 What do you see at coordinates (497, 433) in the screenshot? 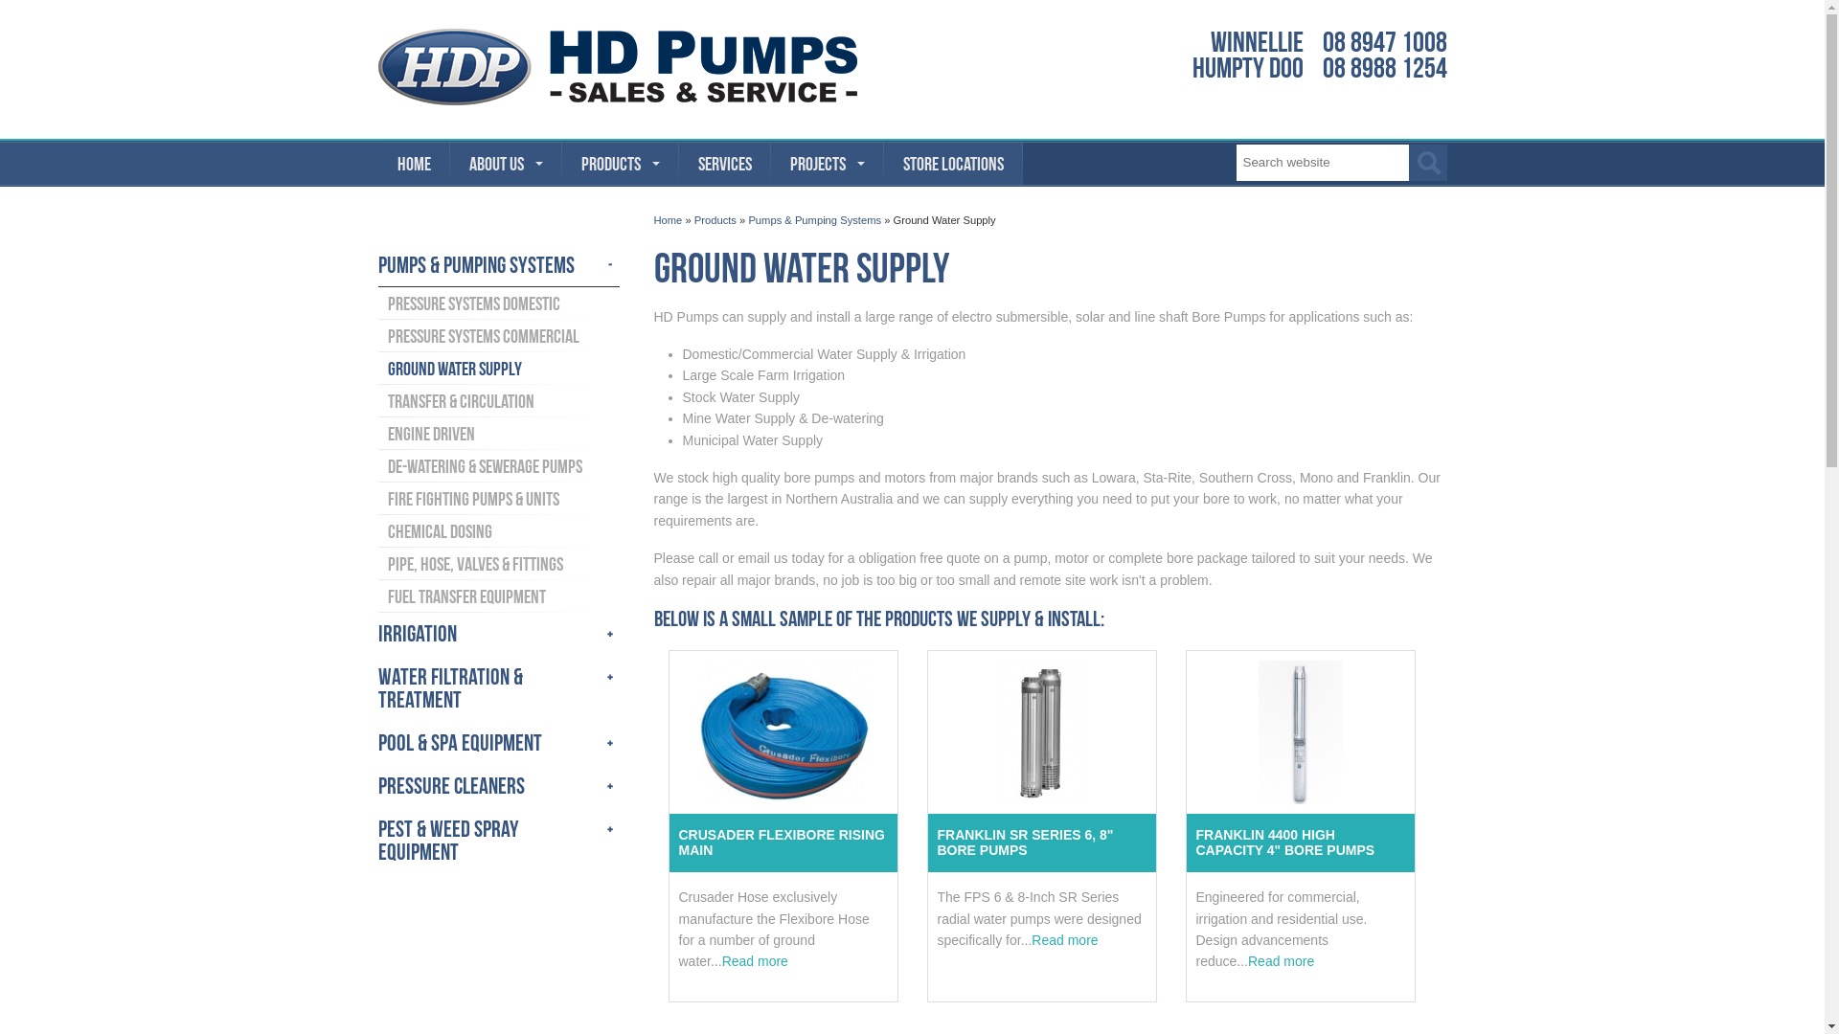
I see `'ENGINE DRIVEN'` at bounding box center [497, 433].